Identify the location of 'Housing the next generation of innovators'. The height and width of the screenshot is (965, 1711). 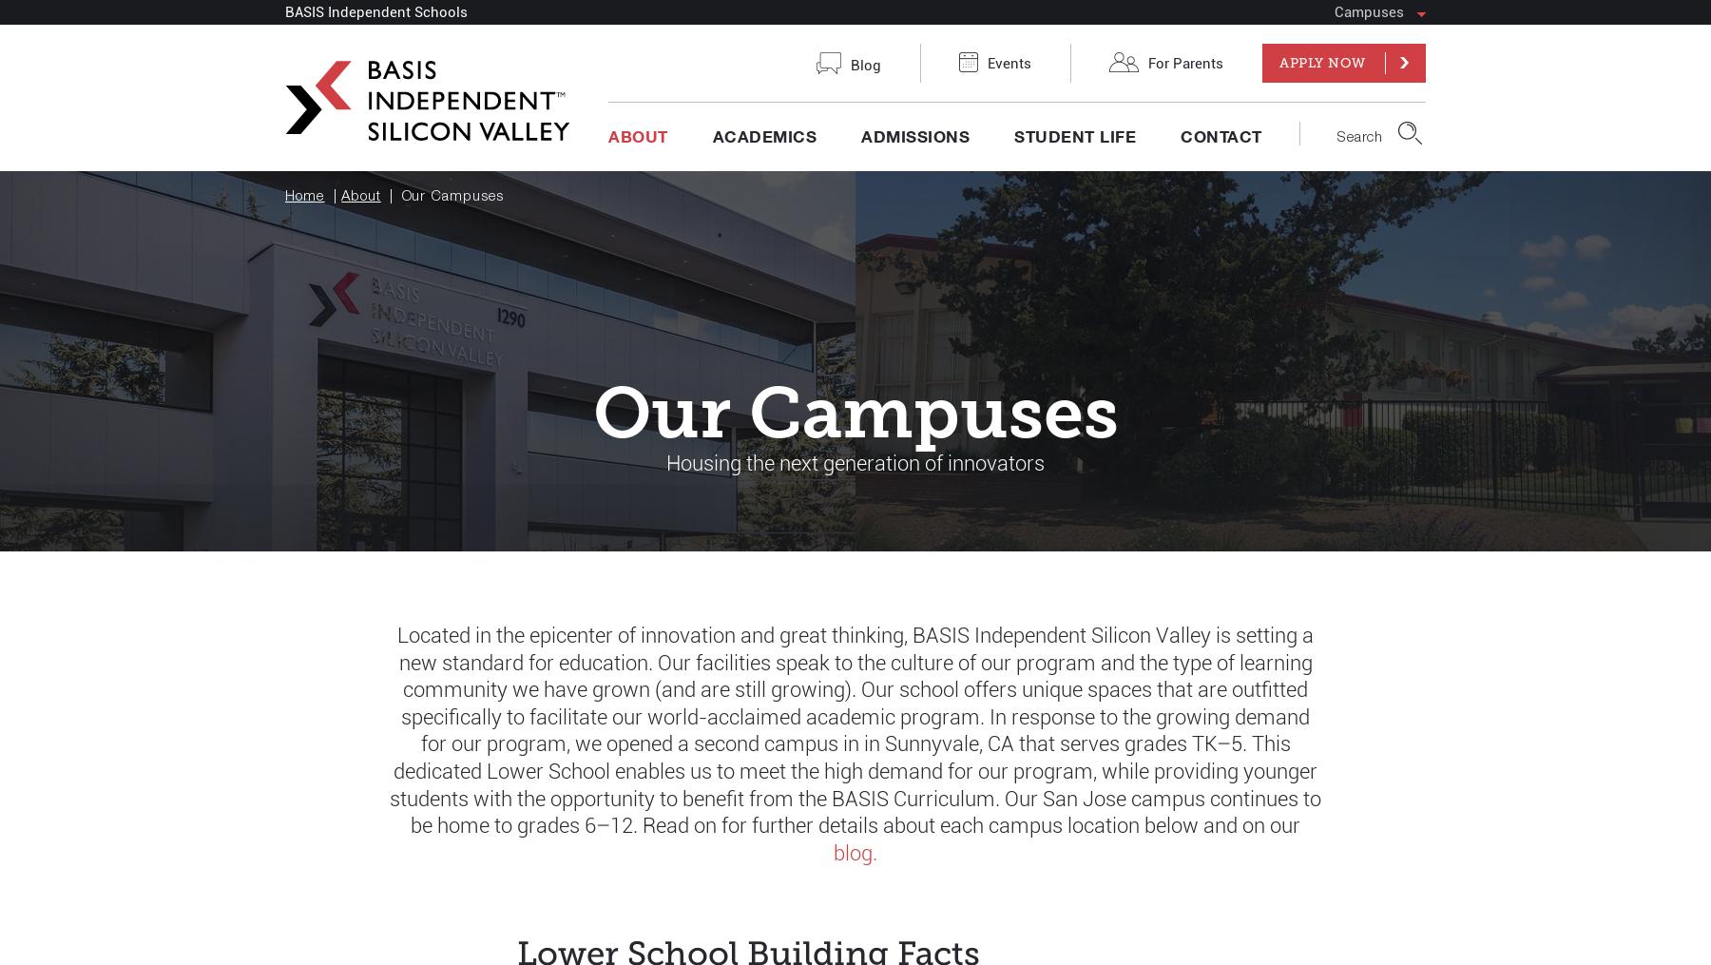
(855, 462).